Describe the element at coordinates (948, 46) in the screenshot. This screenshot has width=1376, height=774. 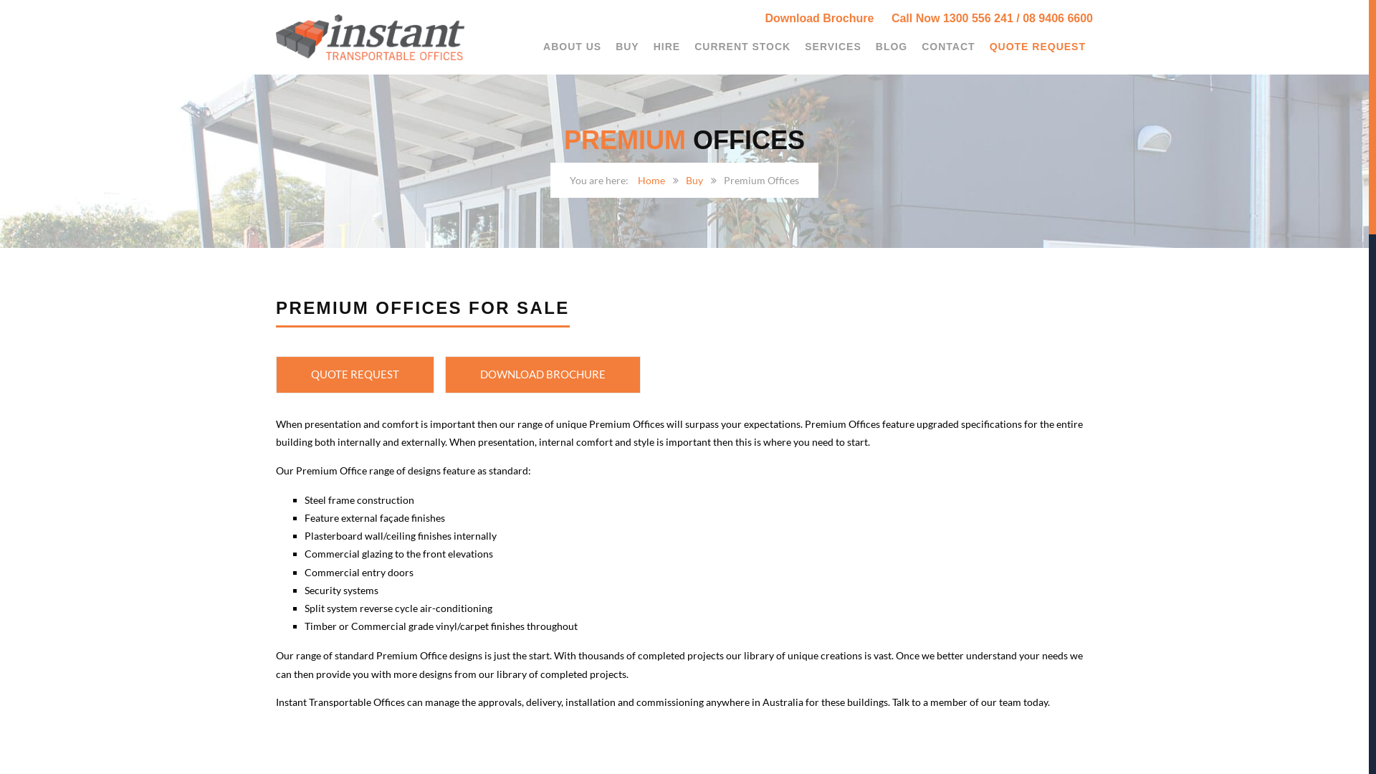
I see `'CONTACT'` at that location.